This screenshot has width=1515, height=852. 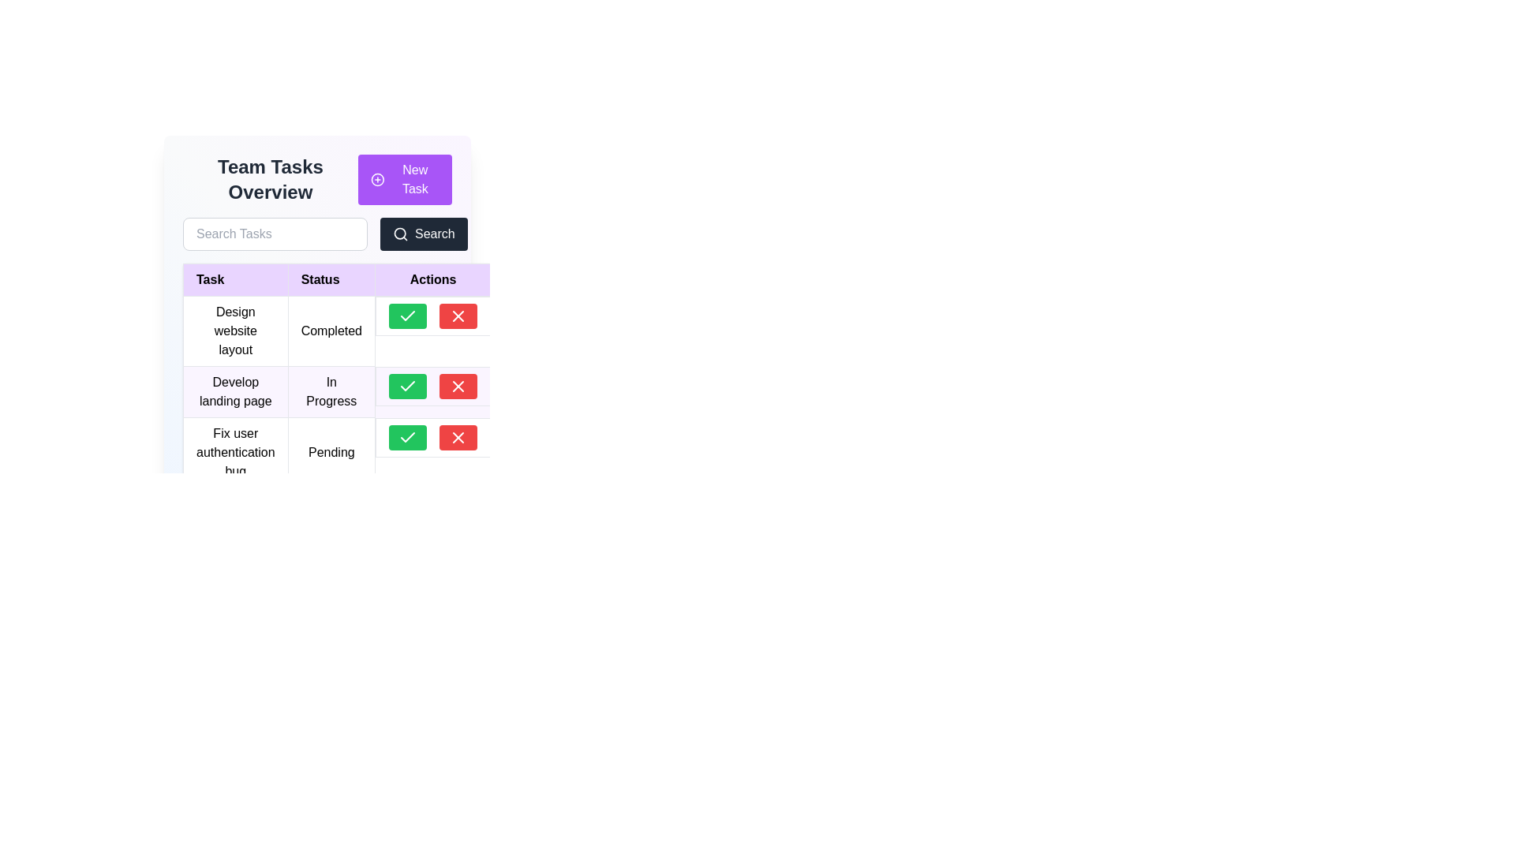 What do you see at coordinates (234, 453) in the screenshot?
I see `text displayed in the first cell of the third row in the 'Task' column, which shows 'Fix user authentication bug'` at bounding box center [234, 453].